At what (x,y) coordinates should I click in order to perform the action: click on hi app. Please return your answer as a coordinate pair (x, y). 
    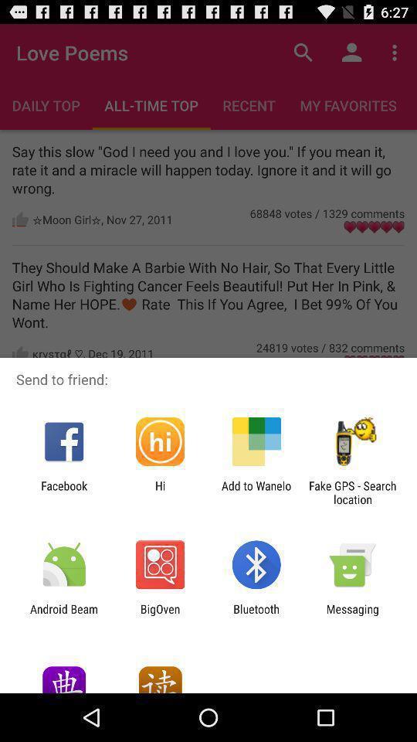
    Looking at the image, I should click on (159, 492).